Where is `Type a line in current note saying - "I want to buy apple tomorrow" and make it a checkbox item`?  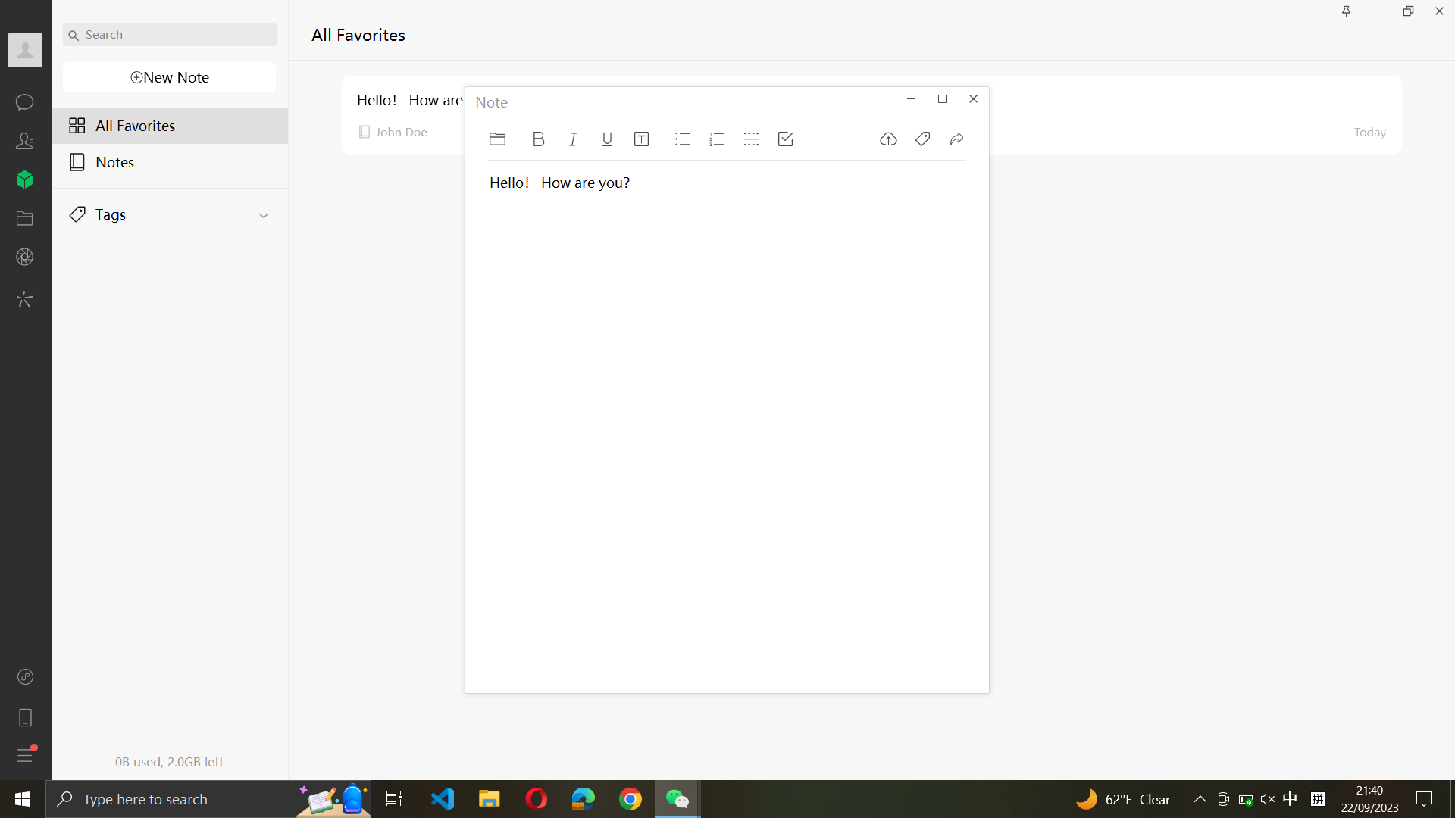
Type a line in current note saying - "I want to buy apple tomorrow" and make it a checkbox item is located at coordinates (551, 443).